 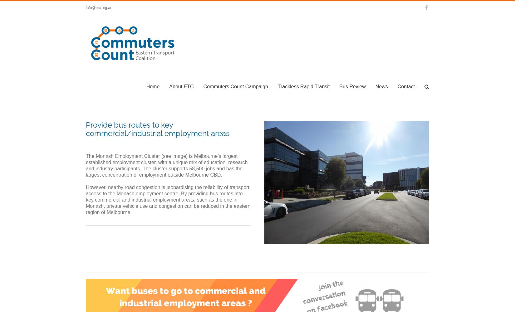 I want to click on 'Trackless Rapid Transit', so click(x=303, y=86).